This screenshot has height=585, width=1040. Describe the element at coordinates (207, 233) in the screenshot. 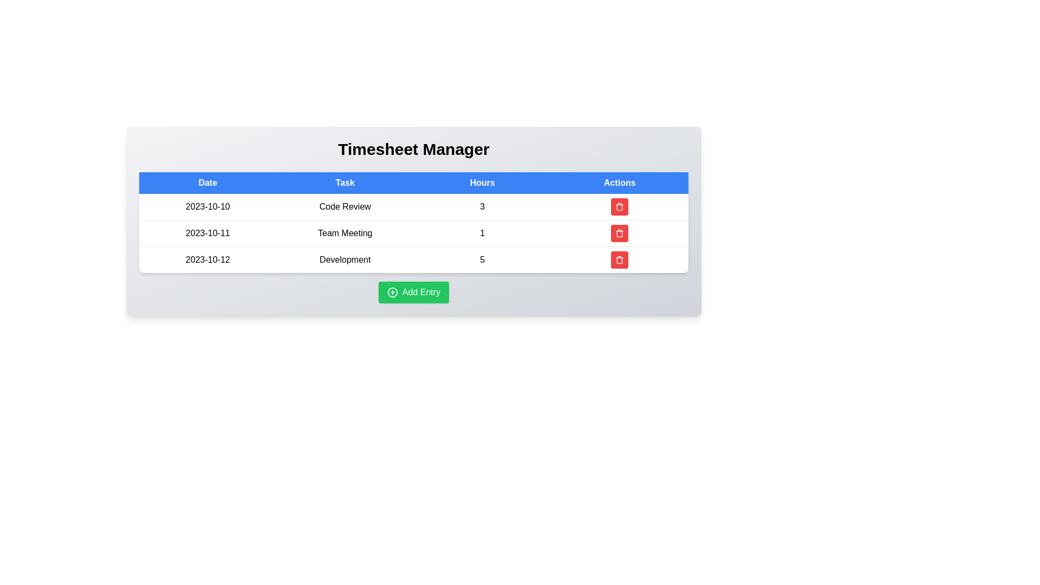

I see `the non-interactive text label displaying the date '2023-10-11' in the middle row of the timesheet table, which is in the first column labeled 'Date'` at that location.